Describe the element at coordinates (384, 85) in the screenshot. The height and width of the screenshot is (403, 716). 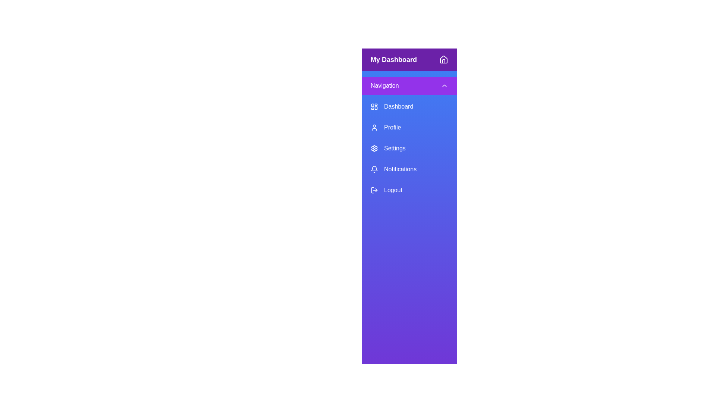
I see `the 'Navigation' text label, which is displayed in white font against a purple background, located in the header of the vertical navigation menu` at that location.